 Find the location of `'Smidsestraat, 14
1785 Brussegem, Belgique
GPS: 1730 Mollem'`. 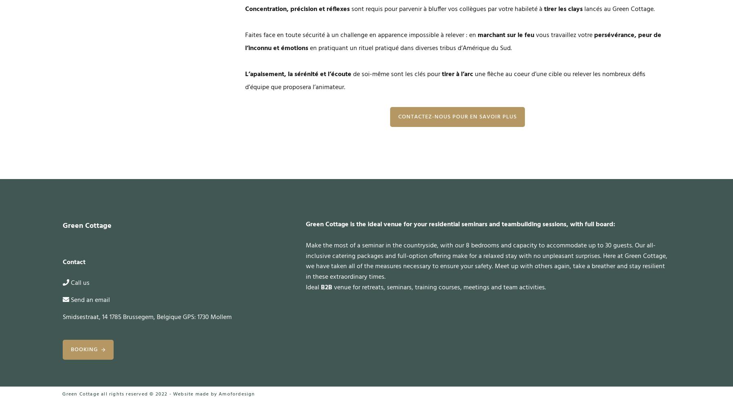

'Smidsestraat, 14
1785 Brussegem, Belgique
GPS: 1730 Mollem' is located at coordinates (147, 317).